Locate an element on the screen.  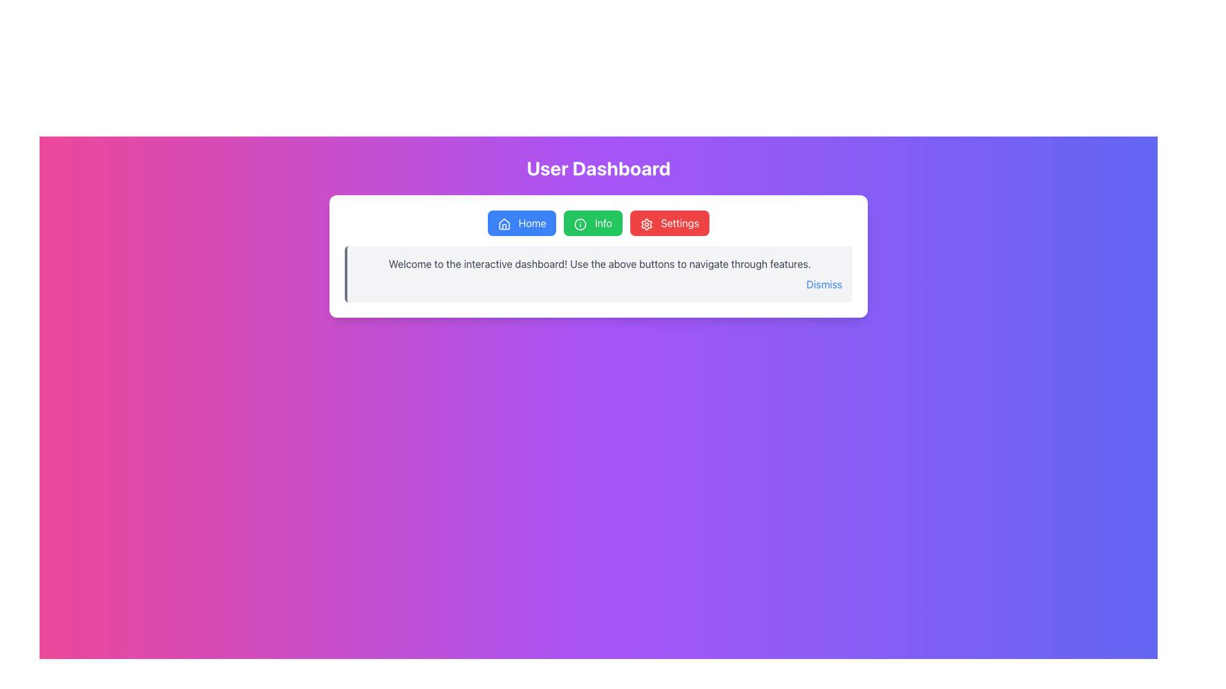
the informational button located between the blue 'Home' button and the red 'Settings' button for keyboard interaction is located at coordinates (593, 223).